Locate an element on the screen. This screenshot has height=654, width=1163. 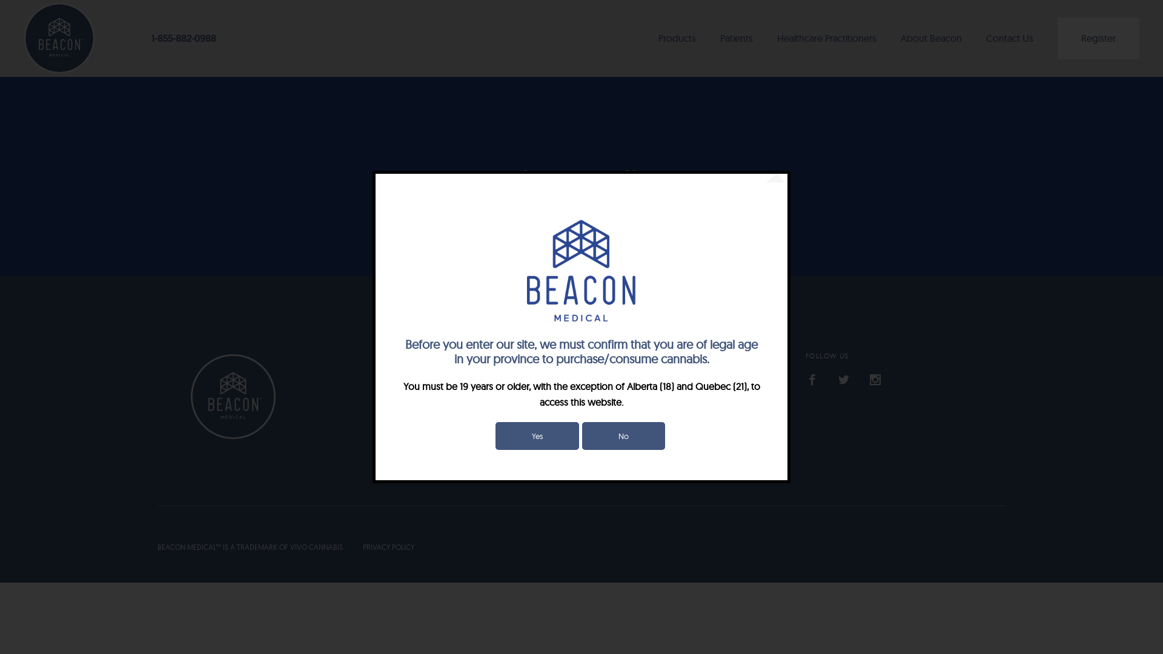
'Healthcare Practitioners' is located at coordinates (826, 38).